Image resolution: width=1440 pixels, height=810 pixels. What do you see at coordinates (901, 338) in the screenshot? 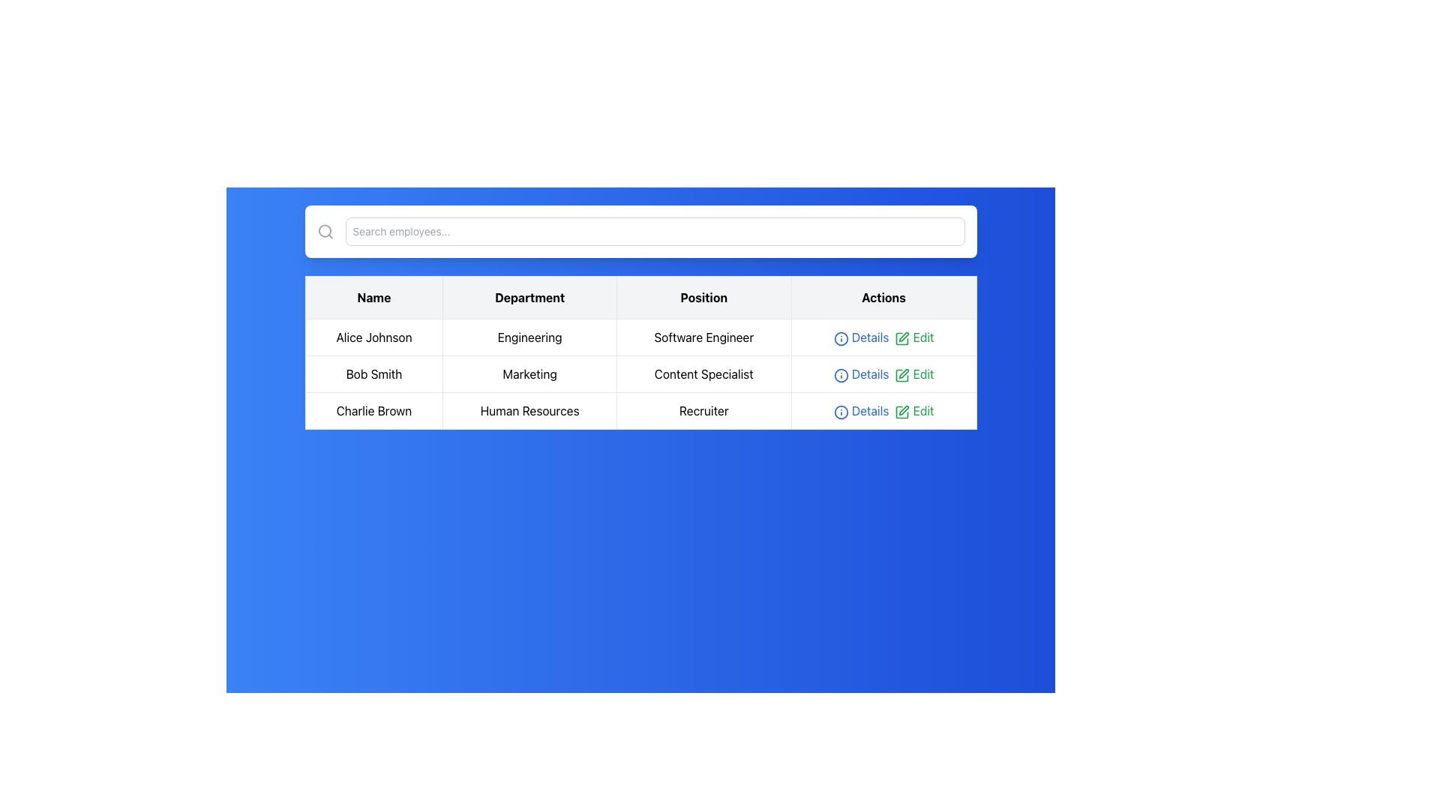
I see `the 'Edit' icon located in the 'Actions' column of the table, which is positioned to the left of the 'Edit' text` at bounding box center [901, 338].